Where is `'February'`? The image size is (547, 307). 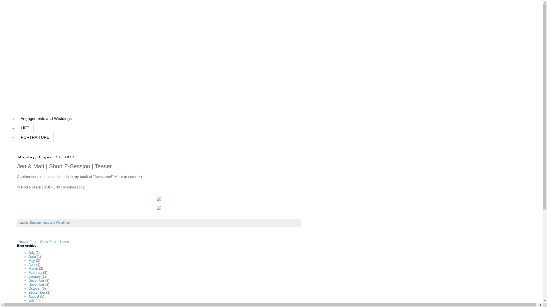
'February' is located at coordinates (28, 272).